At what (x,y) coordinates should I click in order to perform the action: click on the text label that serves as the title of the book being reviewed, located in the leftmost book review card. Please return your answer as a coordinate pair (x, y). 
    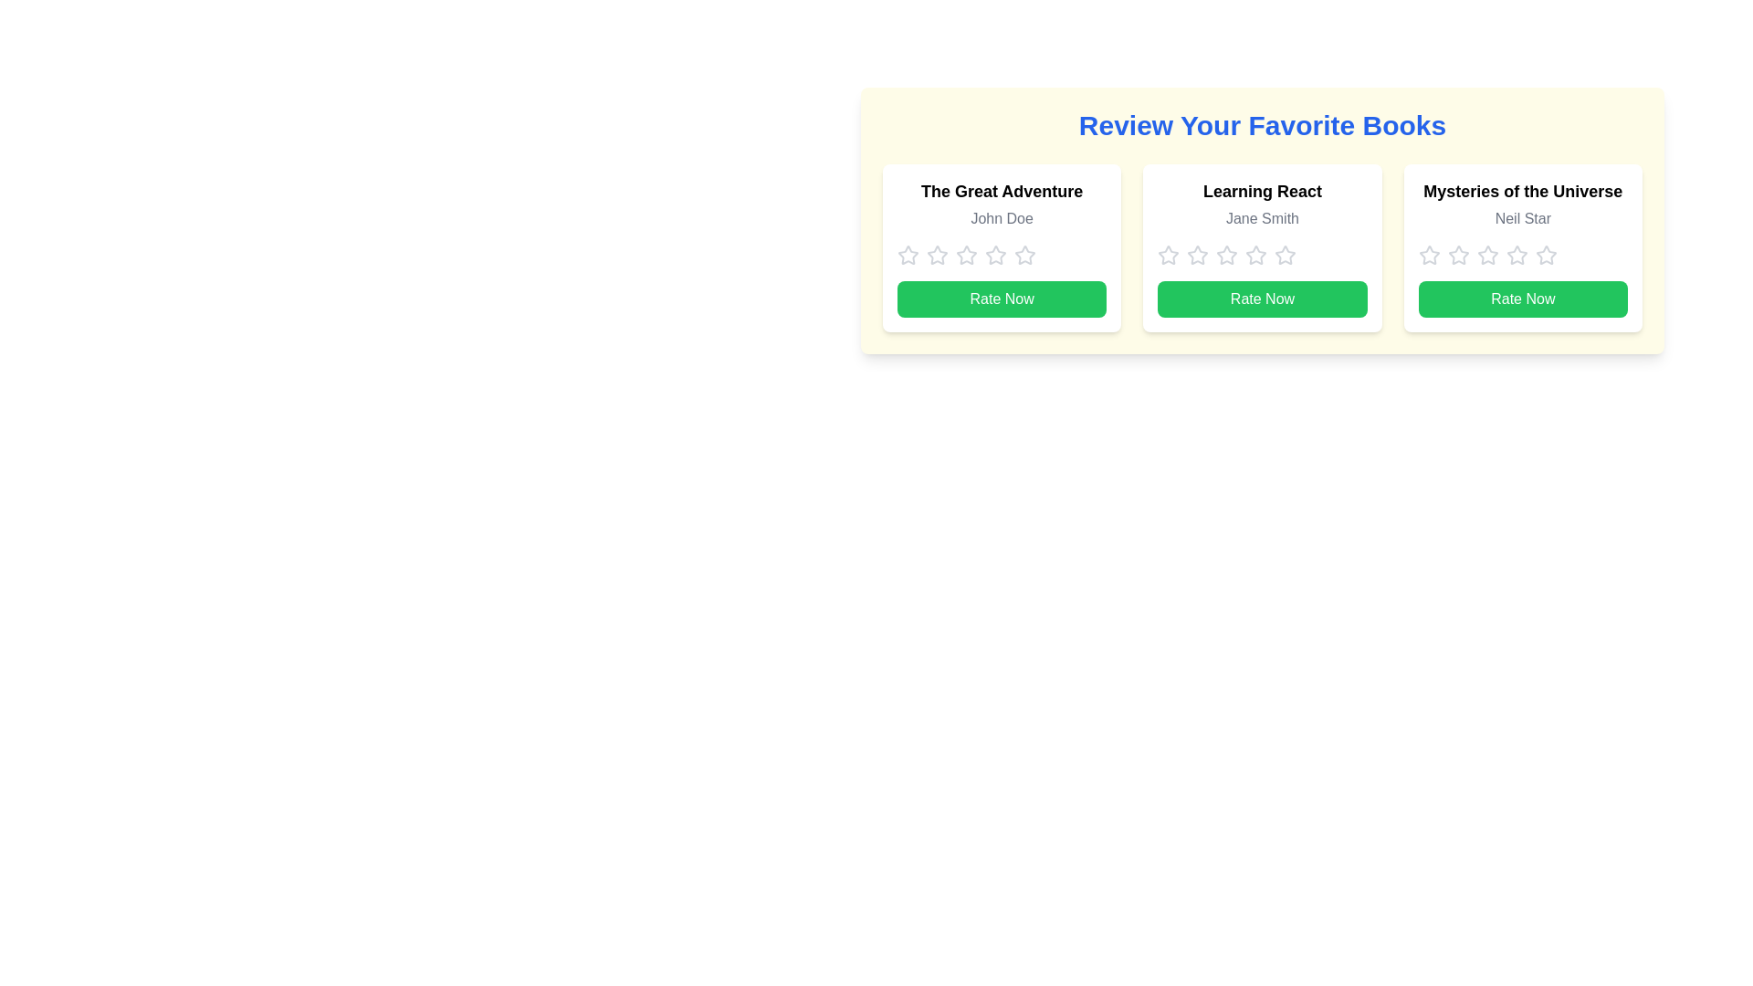
    Looking at the image, I should click on (1001, 191).